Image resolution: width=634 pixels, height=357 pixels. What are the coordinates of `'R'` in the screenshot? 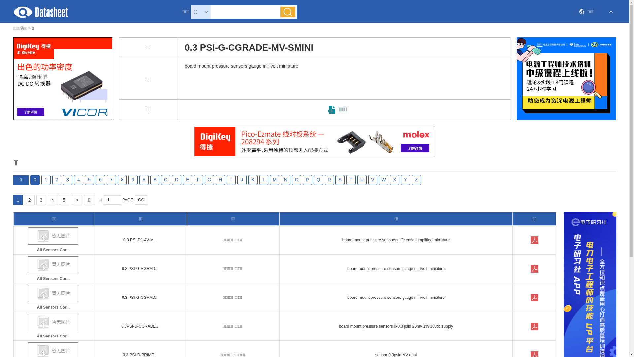 It's located at (329, 180).